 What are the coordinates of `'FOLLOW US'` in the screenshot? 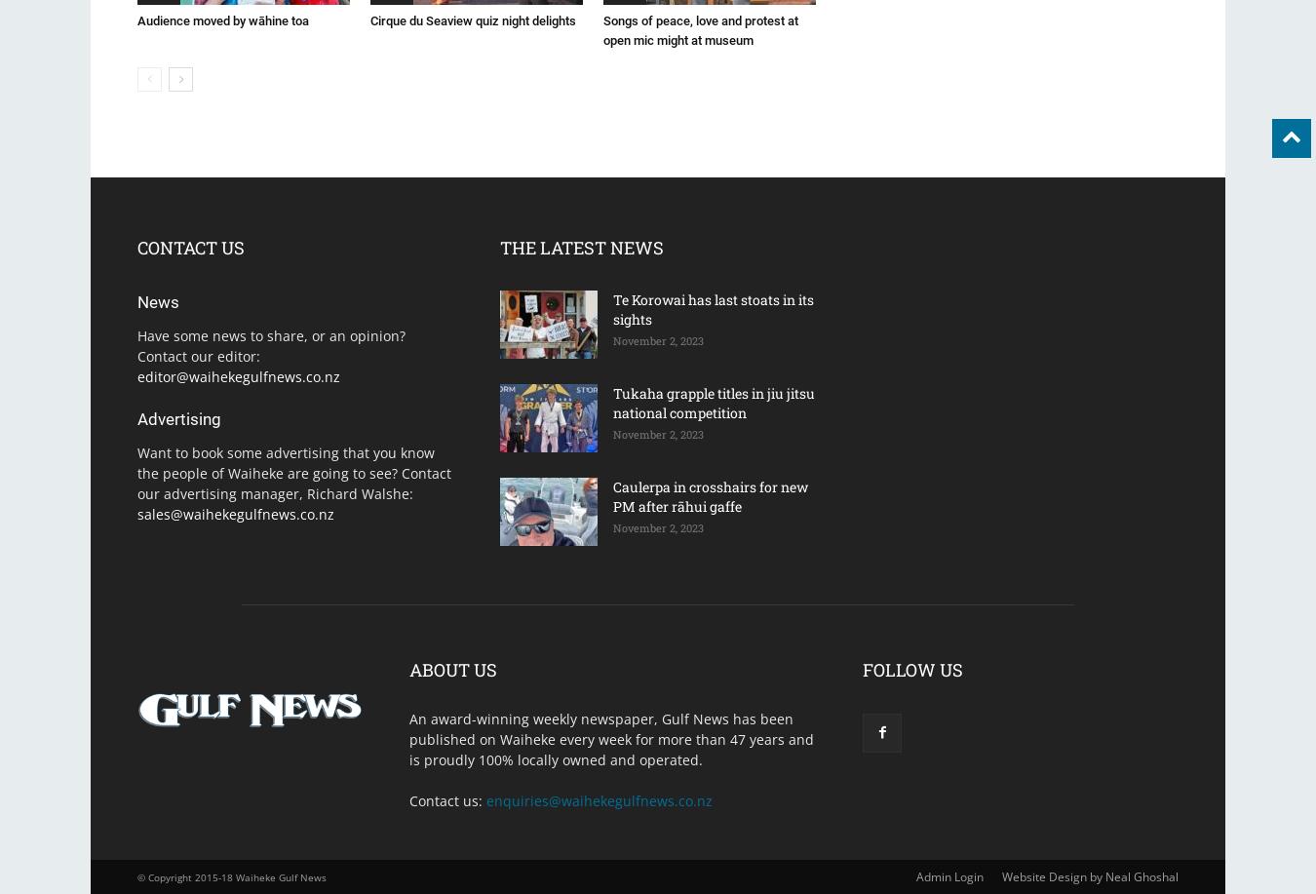 It's located at (911, 670).